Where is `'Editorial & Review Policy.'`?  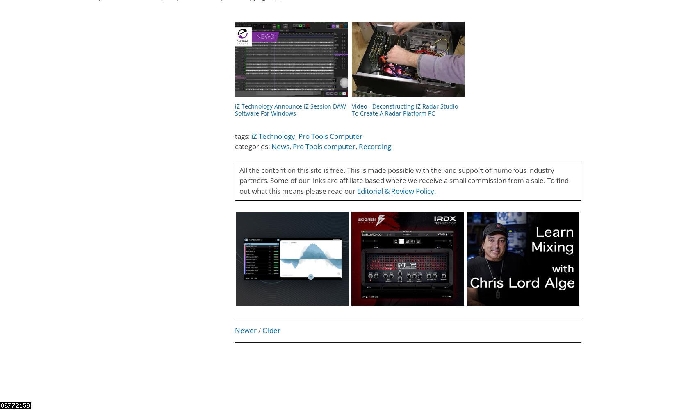 'Editorial & Review Policy.' is located at coordinates (396, 190).